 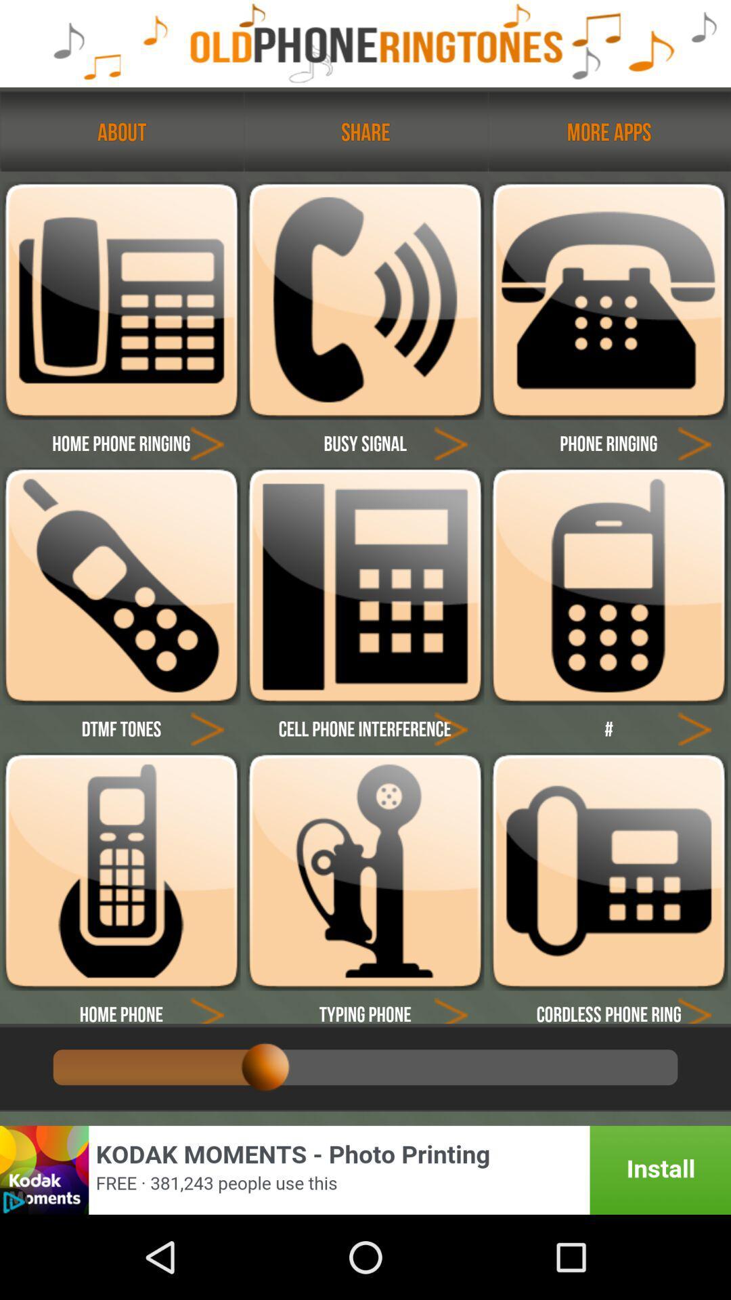 What do you see at coordinates (207, 727) in the screenshot?
I see `click button` at bounding box center [207, 727].